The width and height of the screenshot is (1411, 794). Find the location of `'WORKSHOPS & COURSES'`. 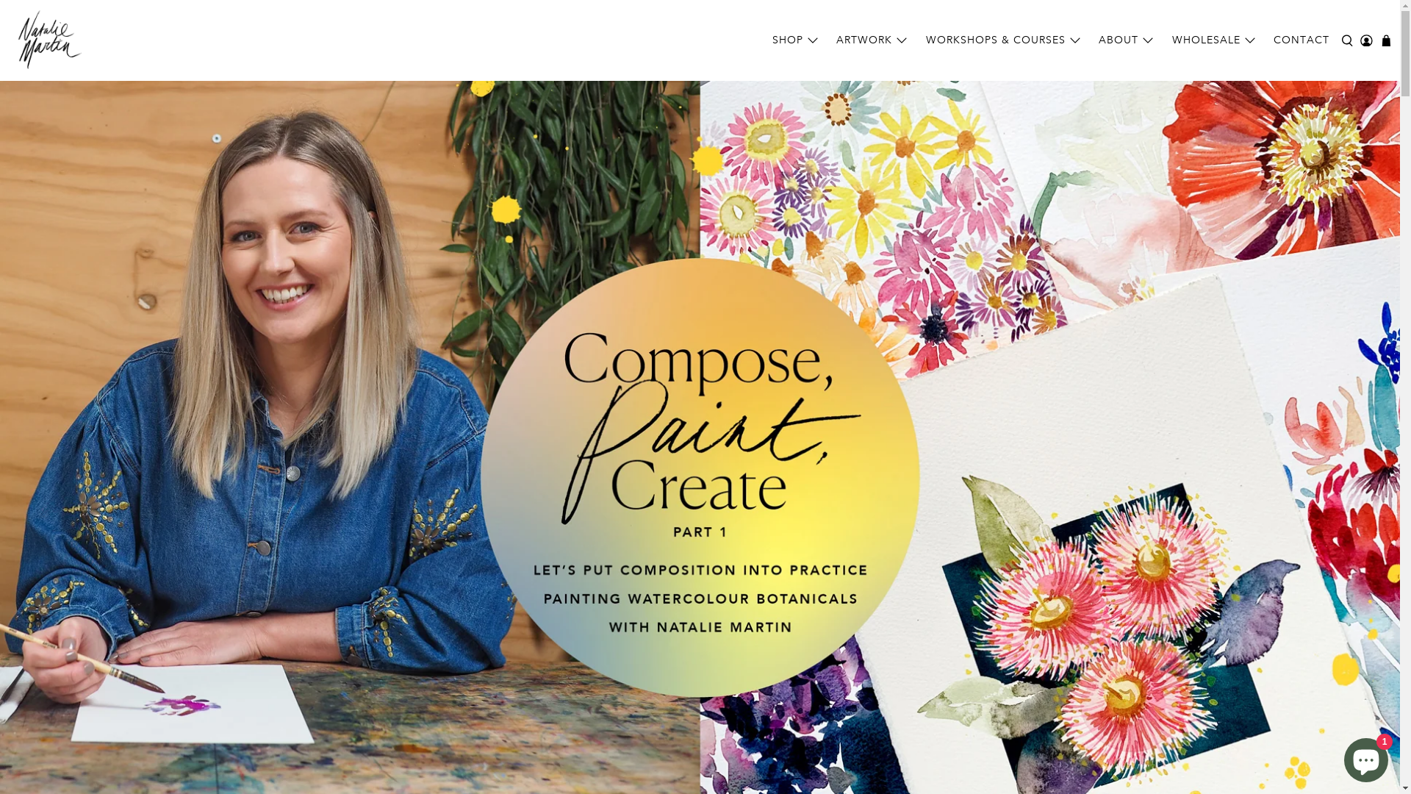

'WORKSHOPS & COURSES' is located at coordinates (1004, 39).